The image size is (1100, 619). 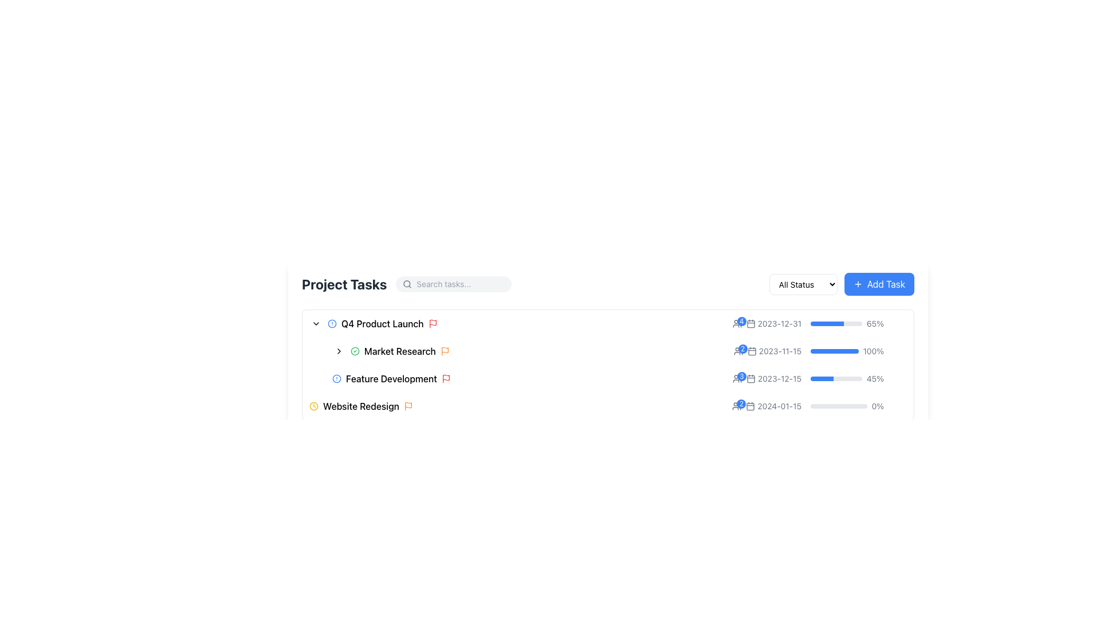 I want to click on the progress percentage Text label for the 'Website Redesign' task, which is positioned to the right of the progress bar and aligns with the task's date, so click(x=819, y=406).